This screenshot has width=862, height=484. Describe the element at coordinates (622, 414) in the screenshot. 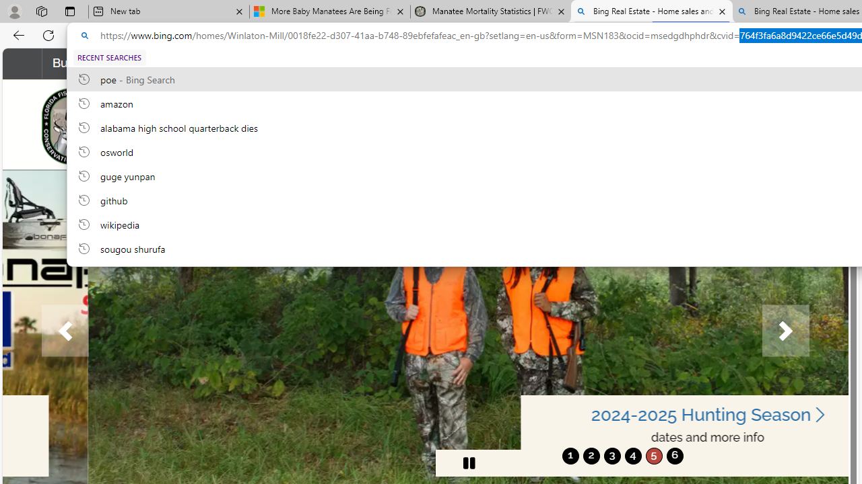

I see `'2024-2025 Hunting Season '` at that location.